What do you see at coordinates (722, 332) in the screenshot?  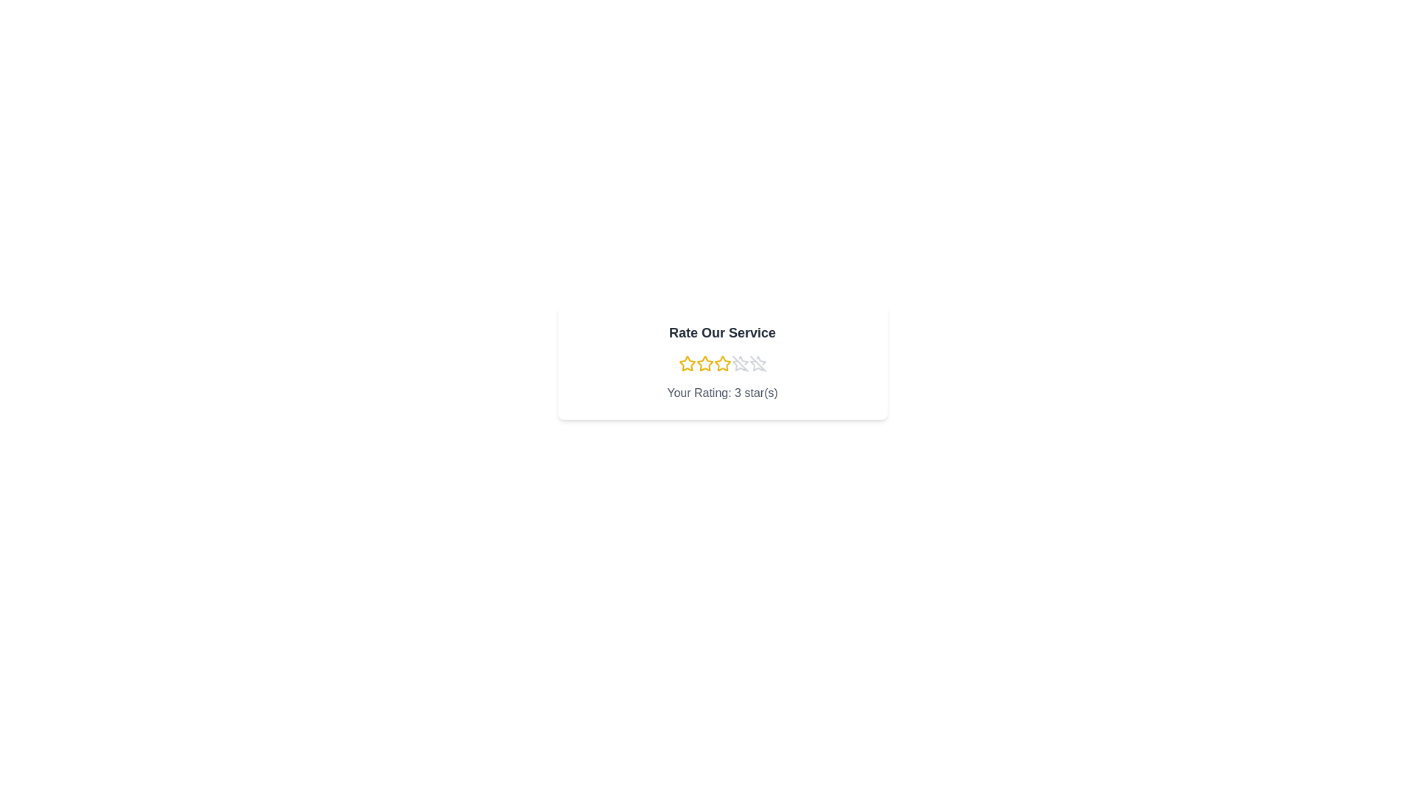 I see `the title text 'Rate Our Service'` at bounding box center [722, 332].